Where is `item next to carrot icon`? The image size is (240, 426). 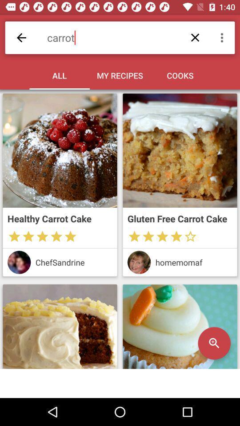 item next to carrot icon is located at coordinates (21, 38).